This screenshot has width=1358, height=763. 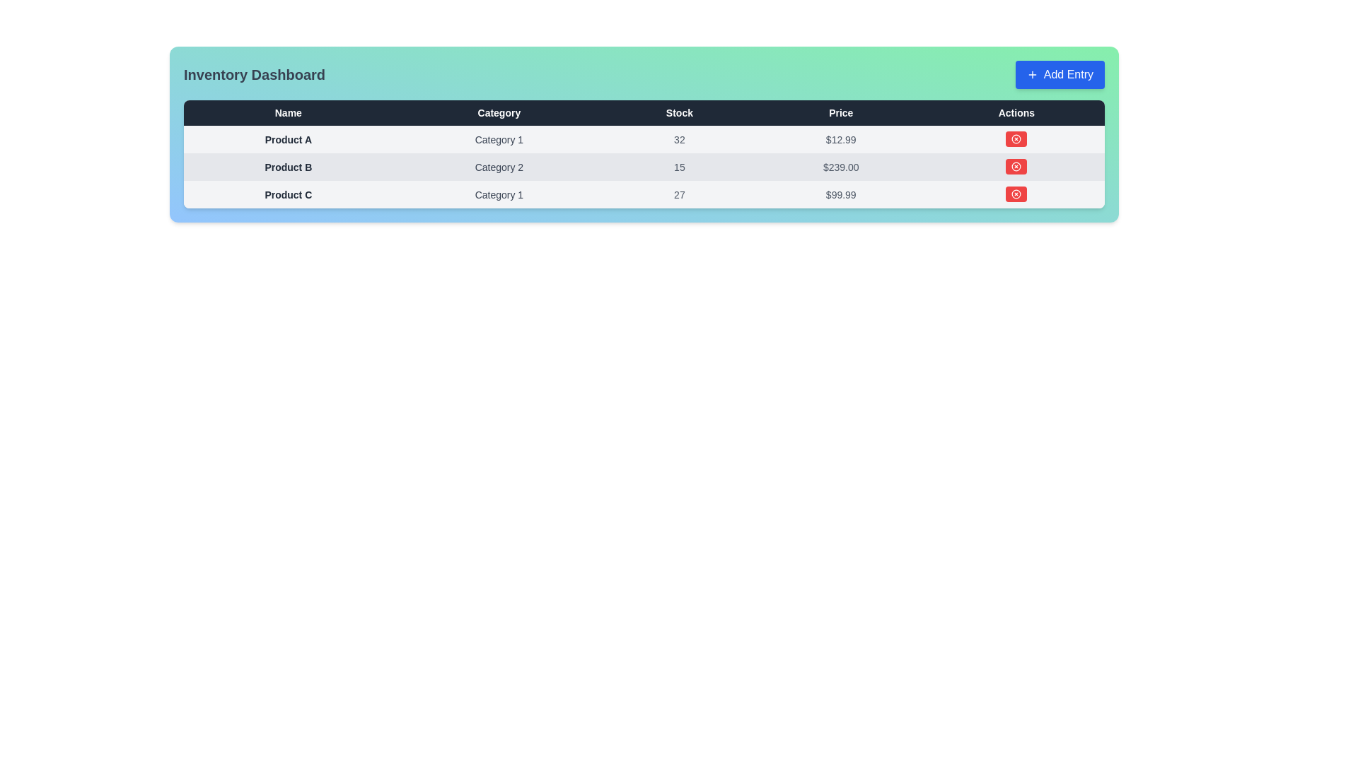 What do you see at coordinates (499, 112) in the screenshot?
I see `'Category' table header, which is the second column header in a horizontal row of headers, styled in bold white text on a dark background` at bounding box center [499, 112].